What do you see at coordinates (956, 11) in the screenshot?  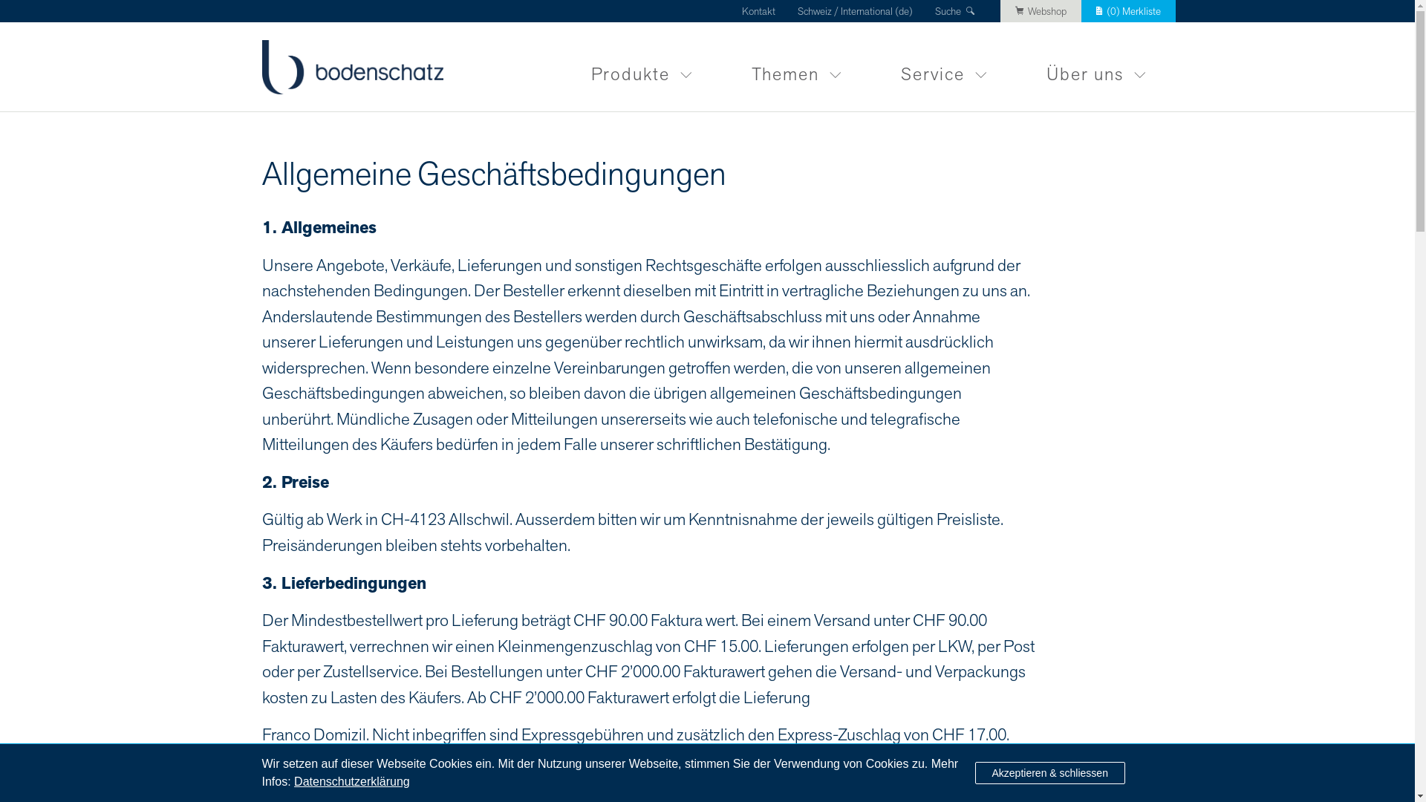 I see `'Suche'` at bounding box center [956, 11].